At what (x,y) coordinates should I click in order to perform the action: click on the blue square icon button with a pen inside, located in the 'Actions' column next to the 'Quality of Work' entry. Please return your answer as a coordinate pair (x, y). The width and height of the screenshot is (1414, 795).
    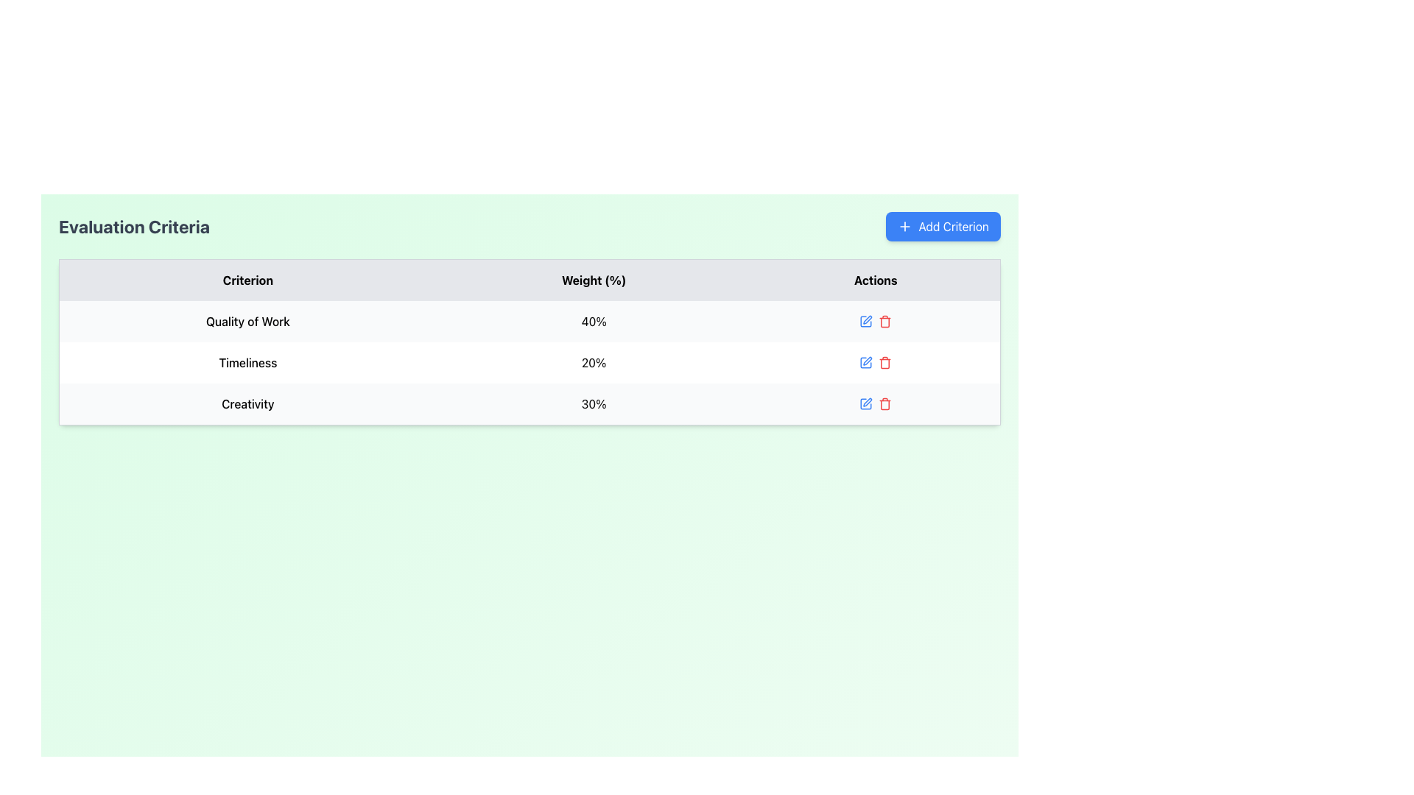
    Looking at the image, I should click on (866, 320).